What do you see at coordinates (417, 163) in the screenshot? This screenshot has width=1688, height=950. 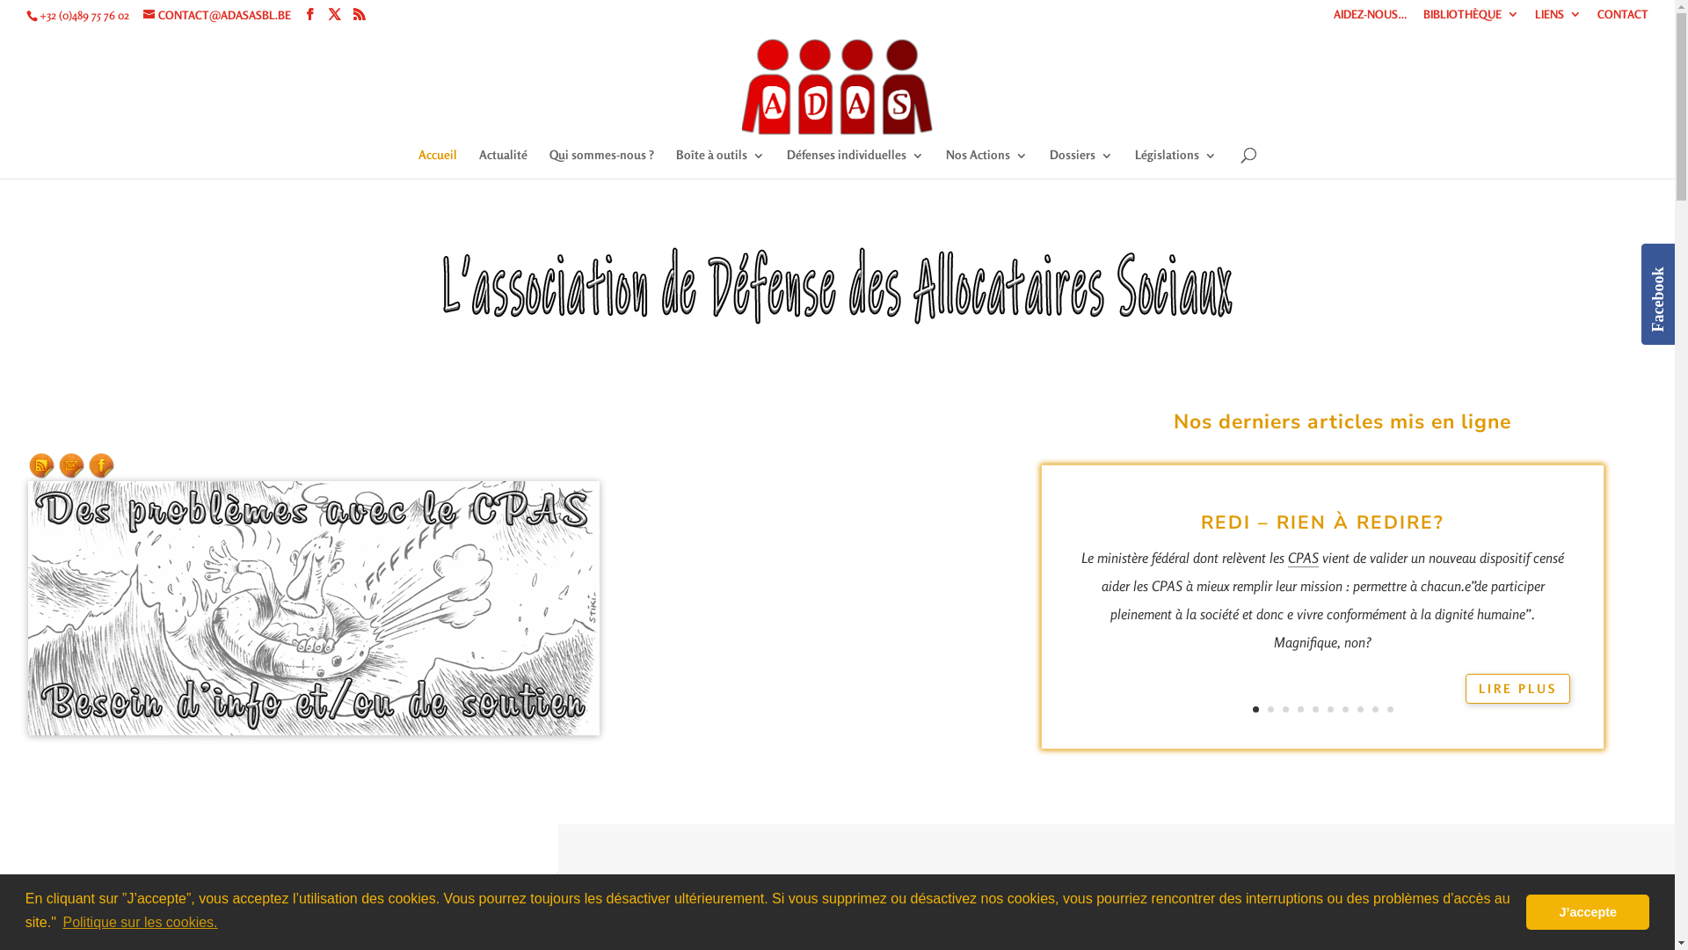 I see `'Accueil'` at bounding box center [417, 163].